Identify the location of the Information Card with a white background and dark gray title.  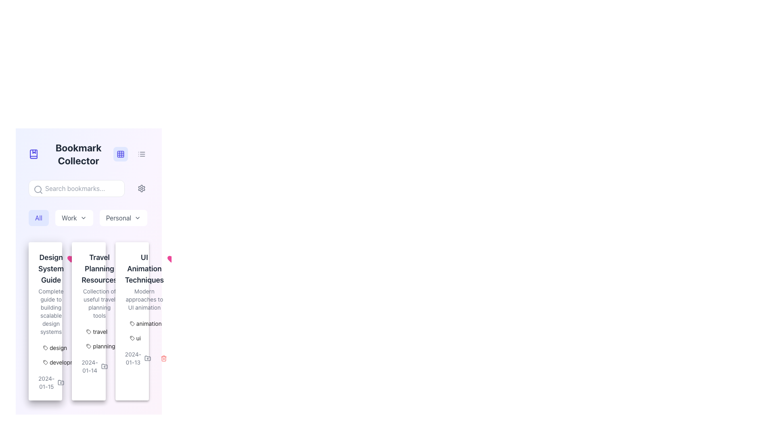
(89, 321).